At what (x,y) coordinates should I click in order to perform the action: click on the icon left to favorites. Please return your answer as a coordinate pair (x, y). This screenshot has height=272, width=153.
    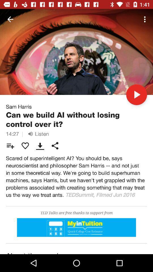
    Looking at the image, I should click on (10, 145).